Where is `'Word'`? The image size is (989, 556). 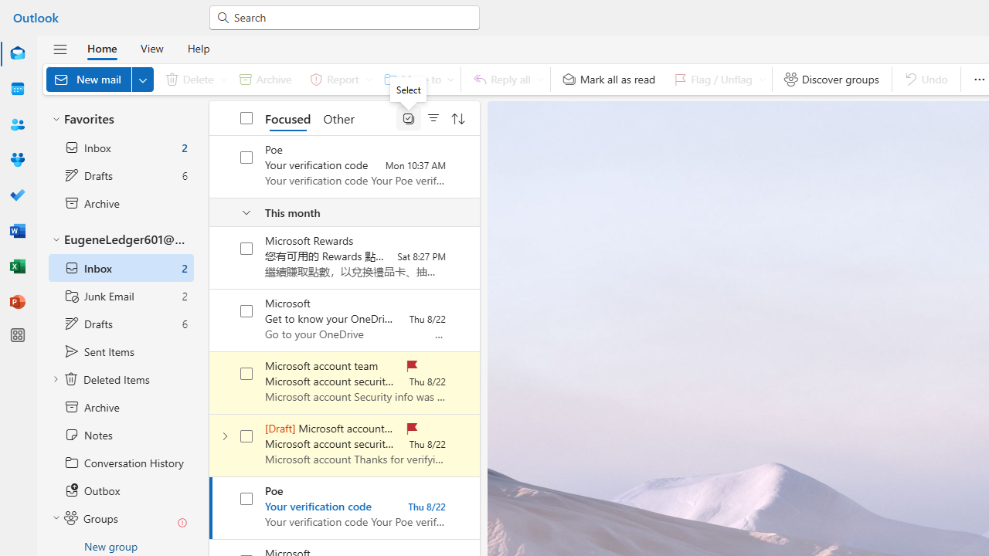
'Word' is located at coordinates (18, 230).